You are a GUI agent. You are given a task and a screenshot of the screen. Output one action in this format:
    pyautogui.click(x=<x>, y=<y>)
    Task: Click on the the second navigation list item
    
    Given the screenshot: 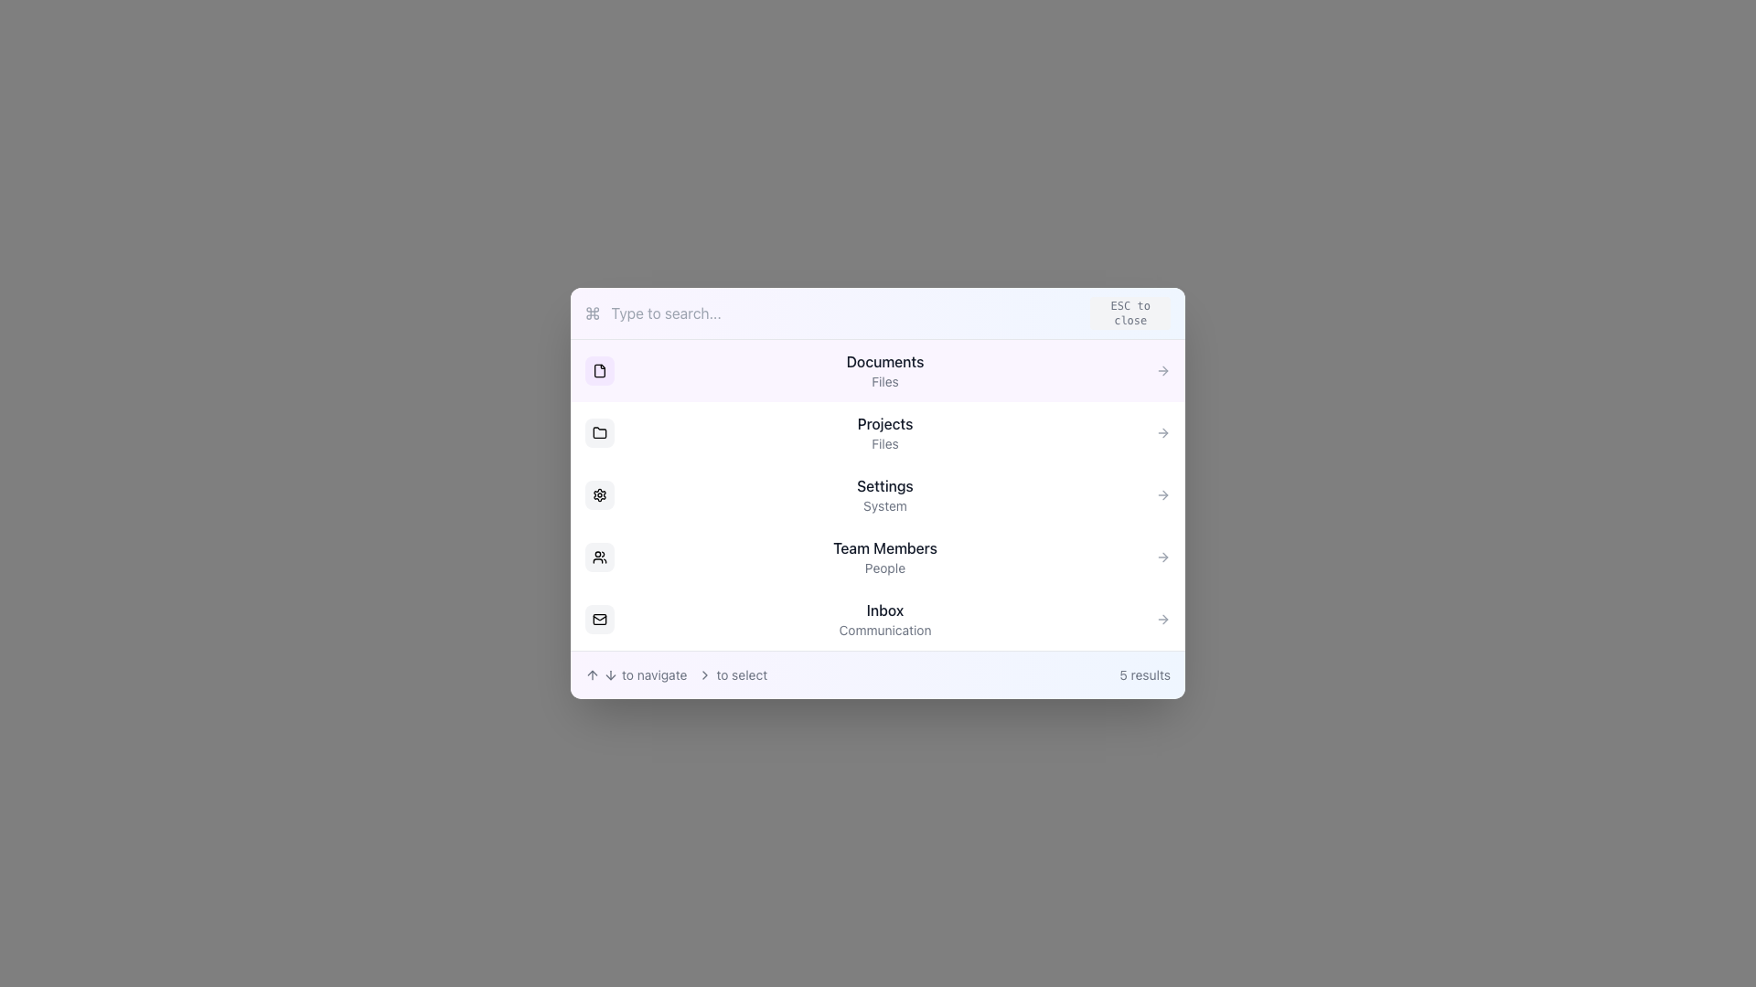 What is the action you would take?
    pyautogui.click(x=878, y=433)
    